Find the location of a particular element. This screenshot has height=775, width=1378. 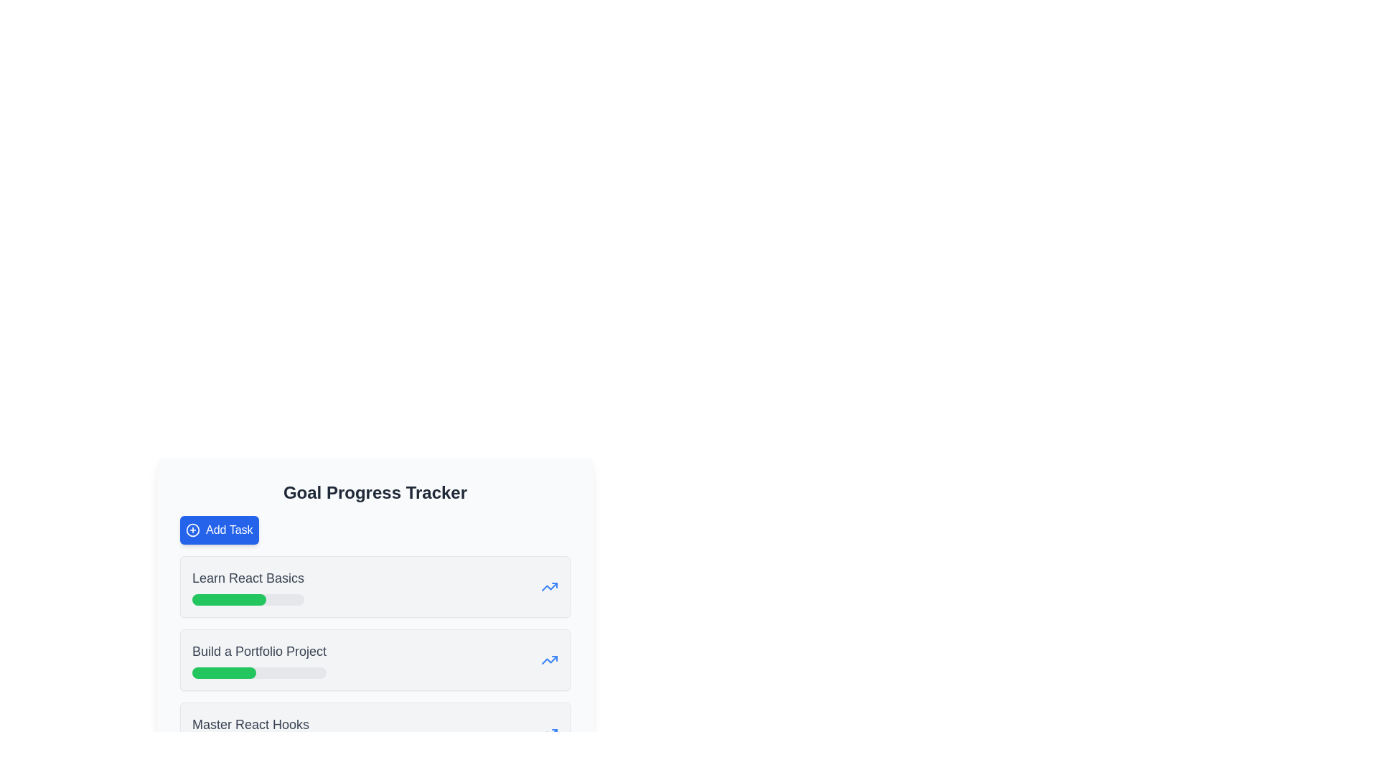

the text label or heading for the task 'Learn React Basics', which serves as the title for the associated progress bar and related actions is located at coordinates (248, 586).